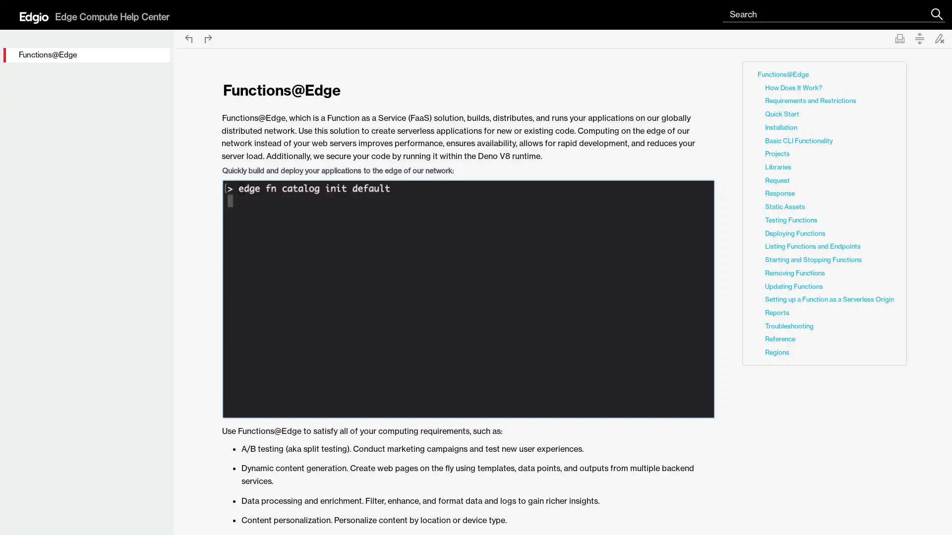  Describe the element at coordinates (939, 38) in the screenshot. I see `remove highlight` at that location.